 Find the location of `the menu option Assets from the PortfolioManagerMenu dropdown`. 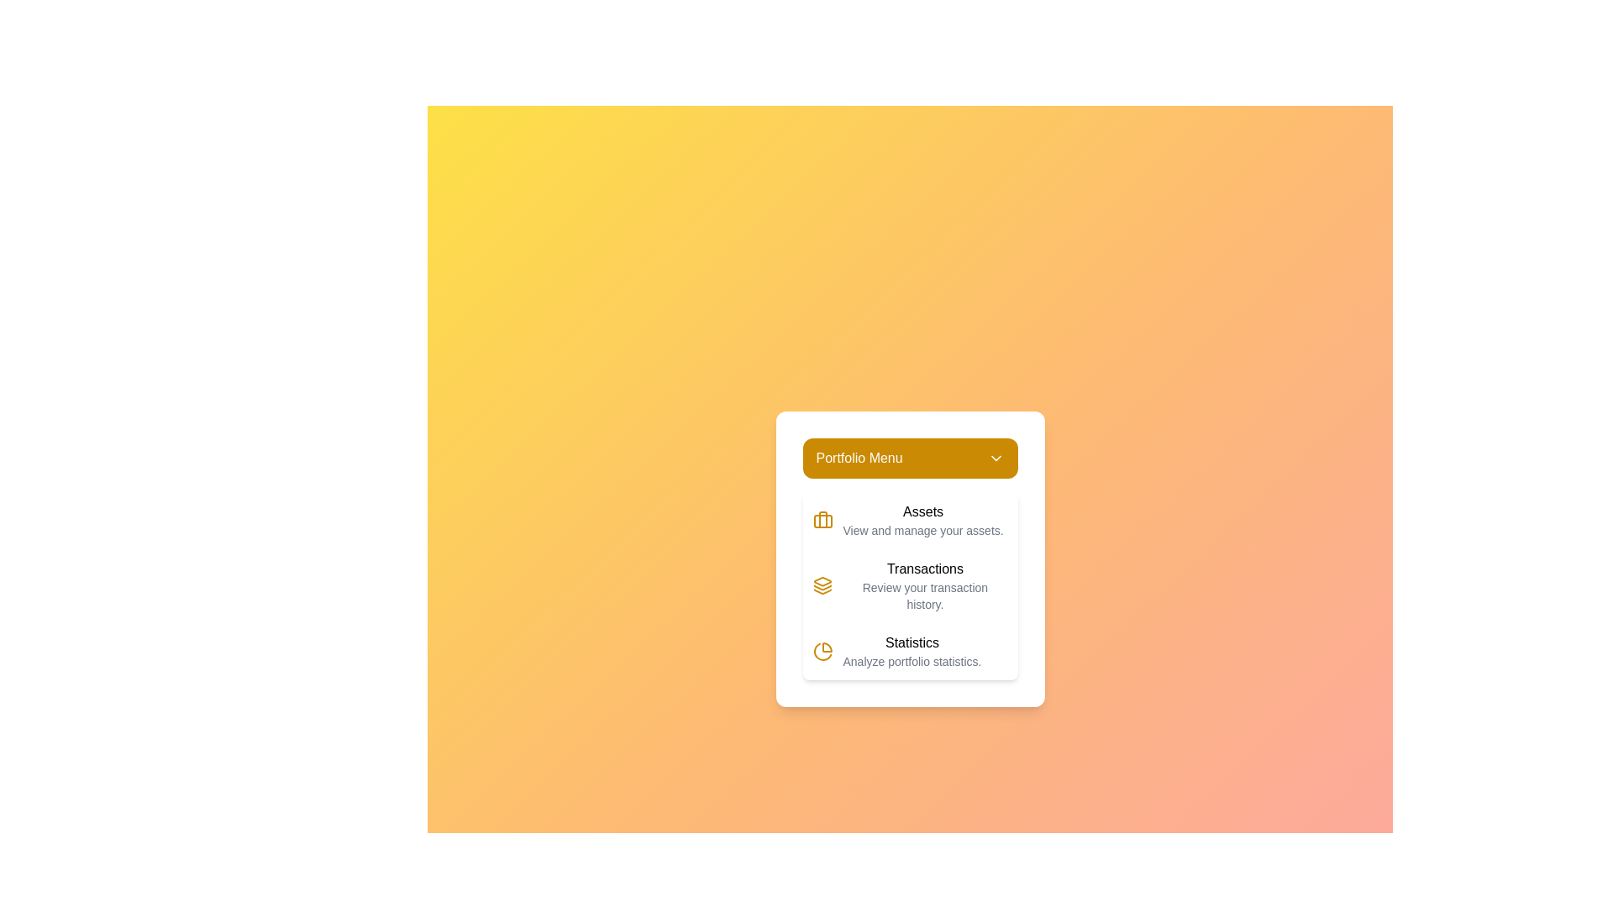

the menu option Assets from the PortfolioManagerMenu dropdown is located at coordinates (909, 520).